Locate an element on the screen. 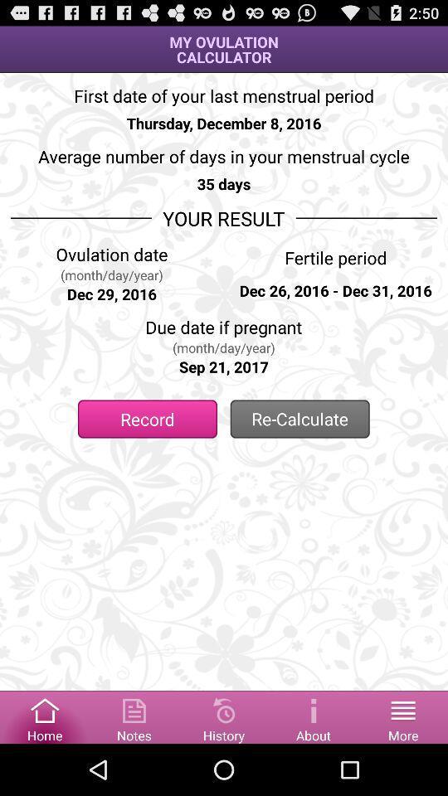  home button is located at coordinates (45, 716).